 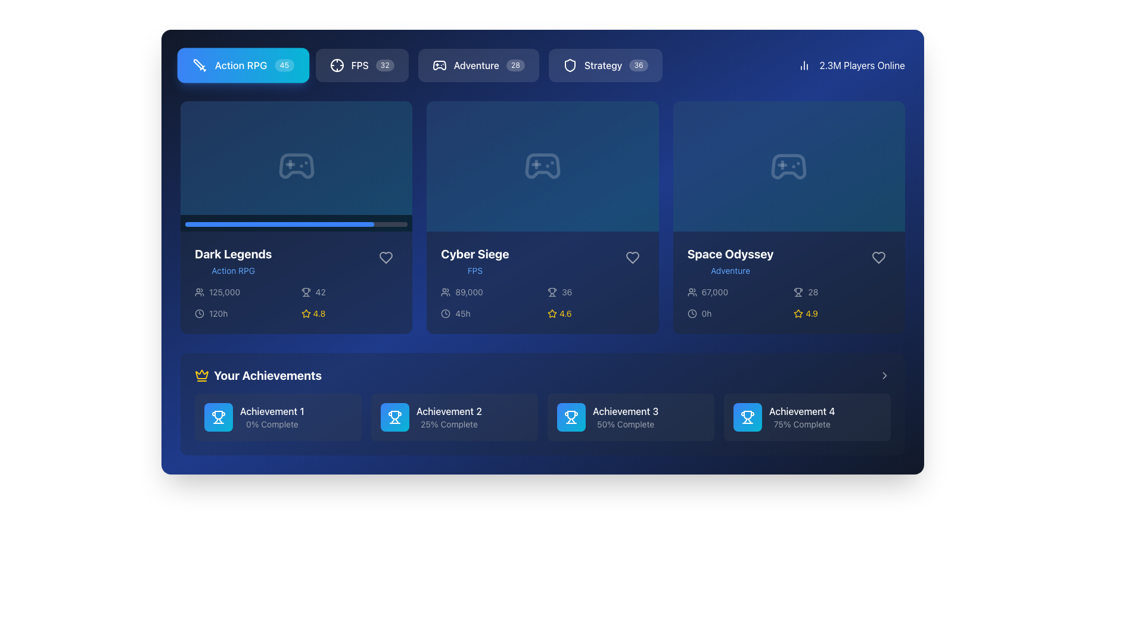 I want to click on the game controller icon located in the third card from the left under the 'Space Odyssey' title, positioned towards the top center of the card, so click(x=789, y=166).